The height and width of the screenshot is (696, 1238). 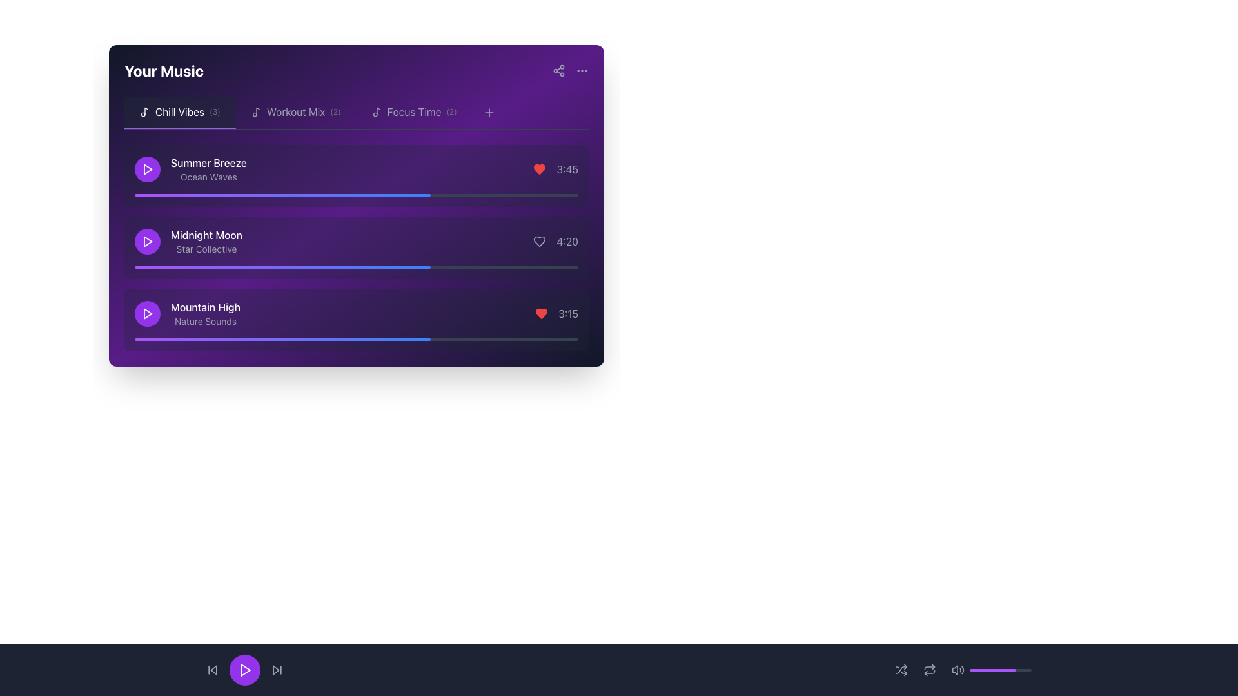 I want to click on the heart-shaped icon in the music player interface, so click(x=540, y=168).